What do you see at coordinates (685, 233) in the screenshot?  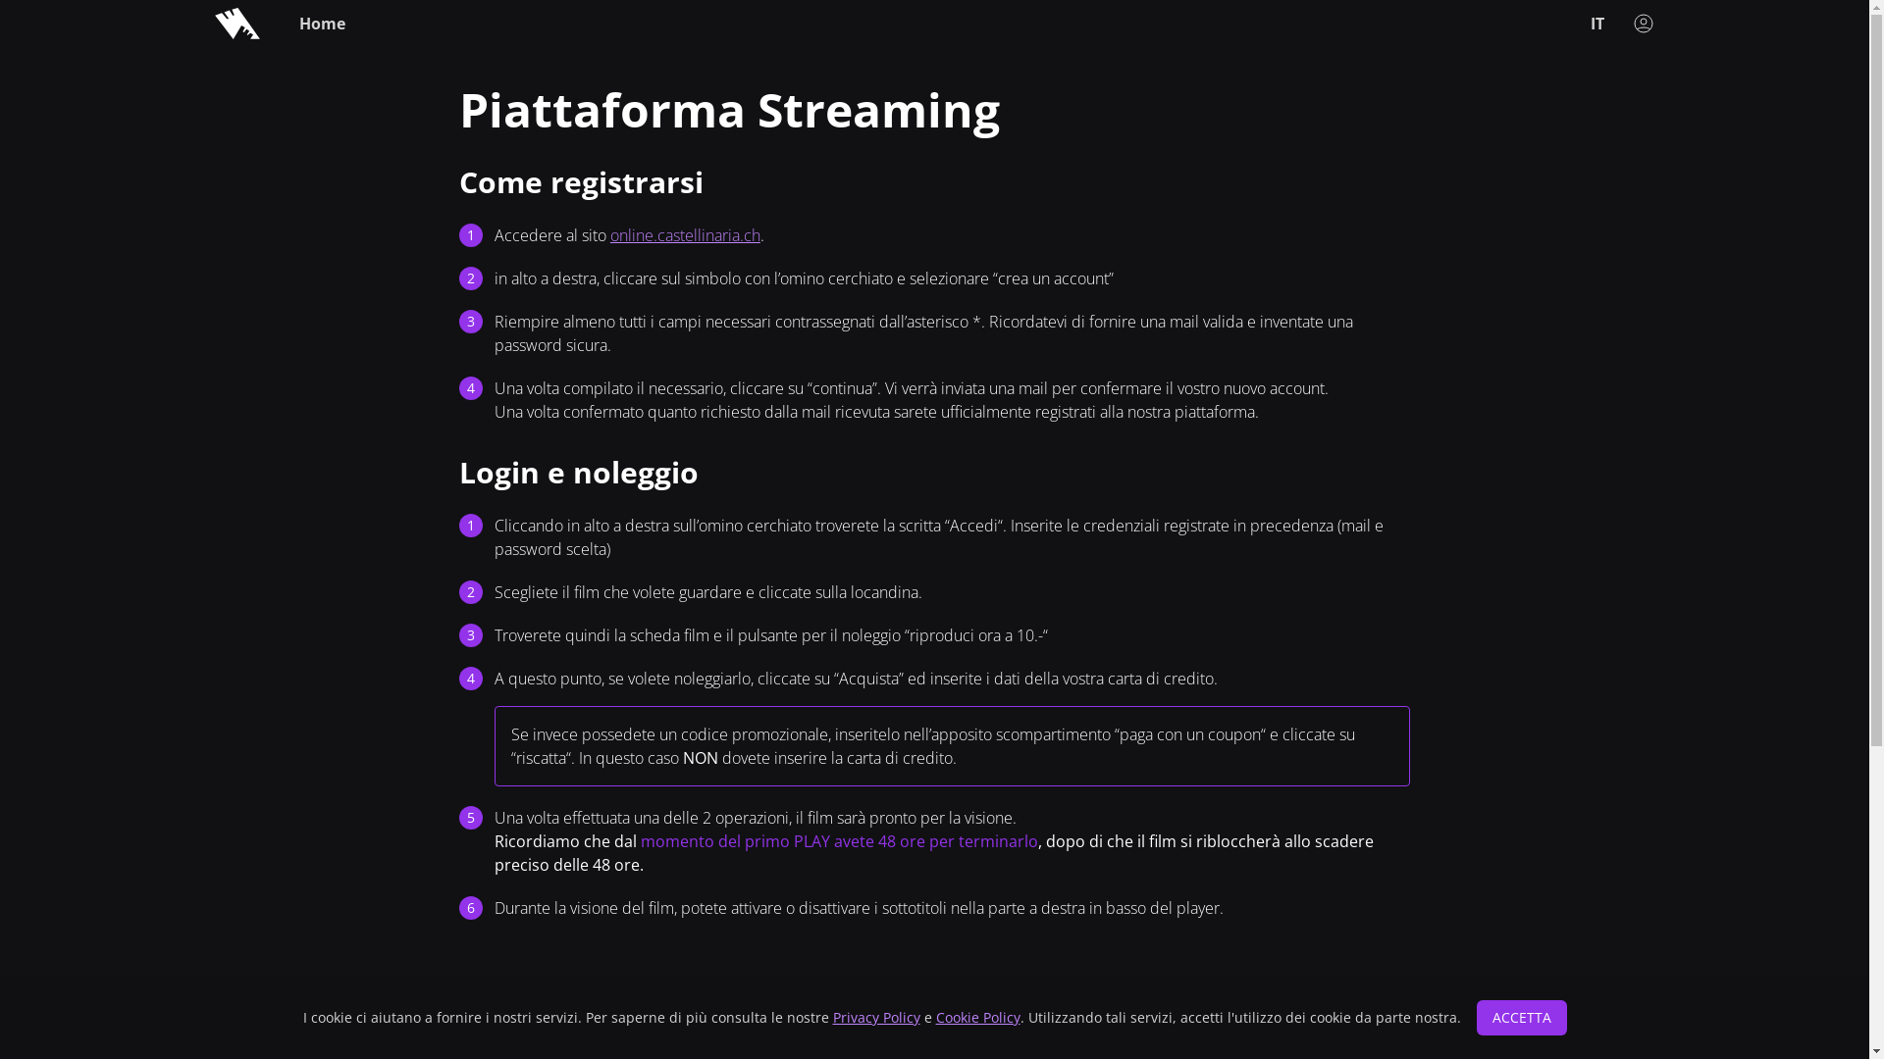 I see `'online.castellinaria.ch'` at bounding box center [685, 233].